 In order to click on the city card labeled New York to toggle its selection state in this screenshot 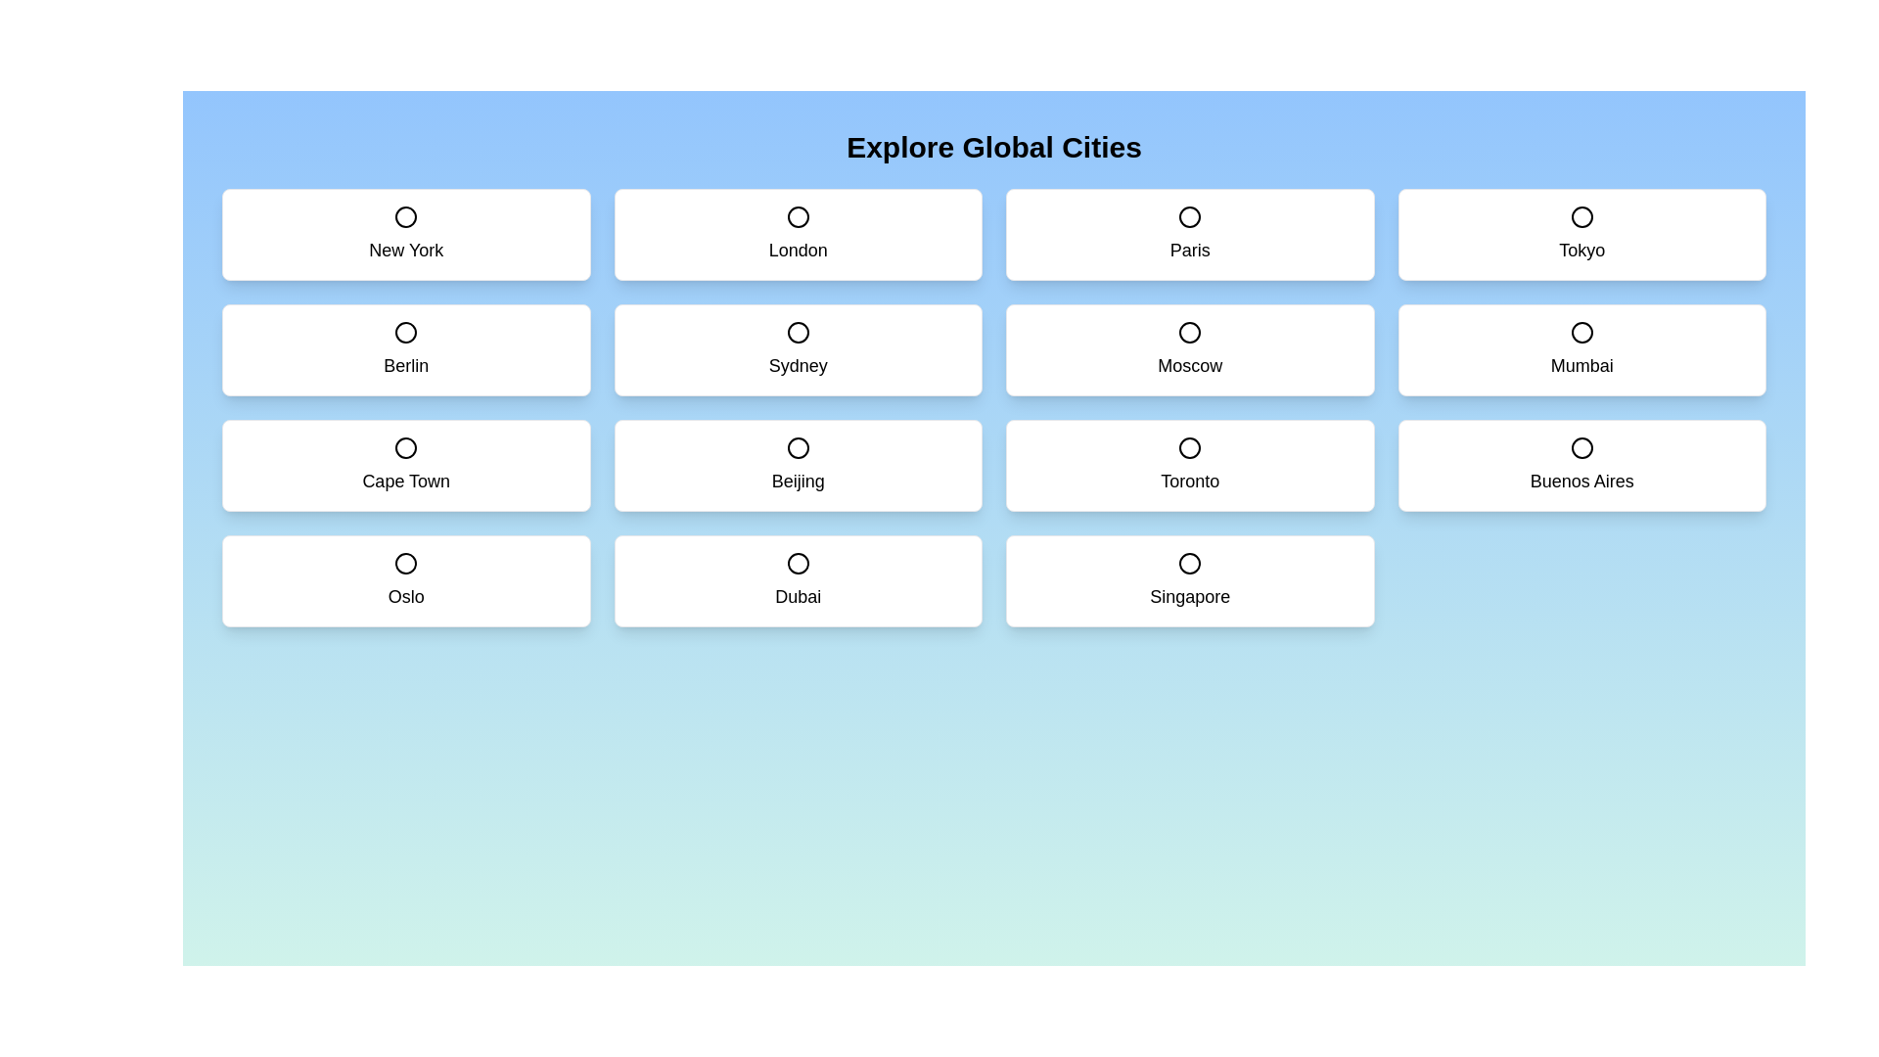, I will do `click(405, 233)`.